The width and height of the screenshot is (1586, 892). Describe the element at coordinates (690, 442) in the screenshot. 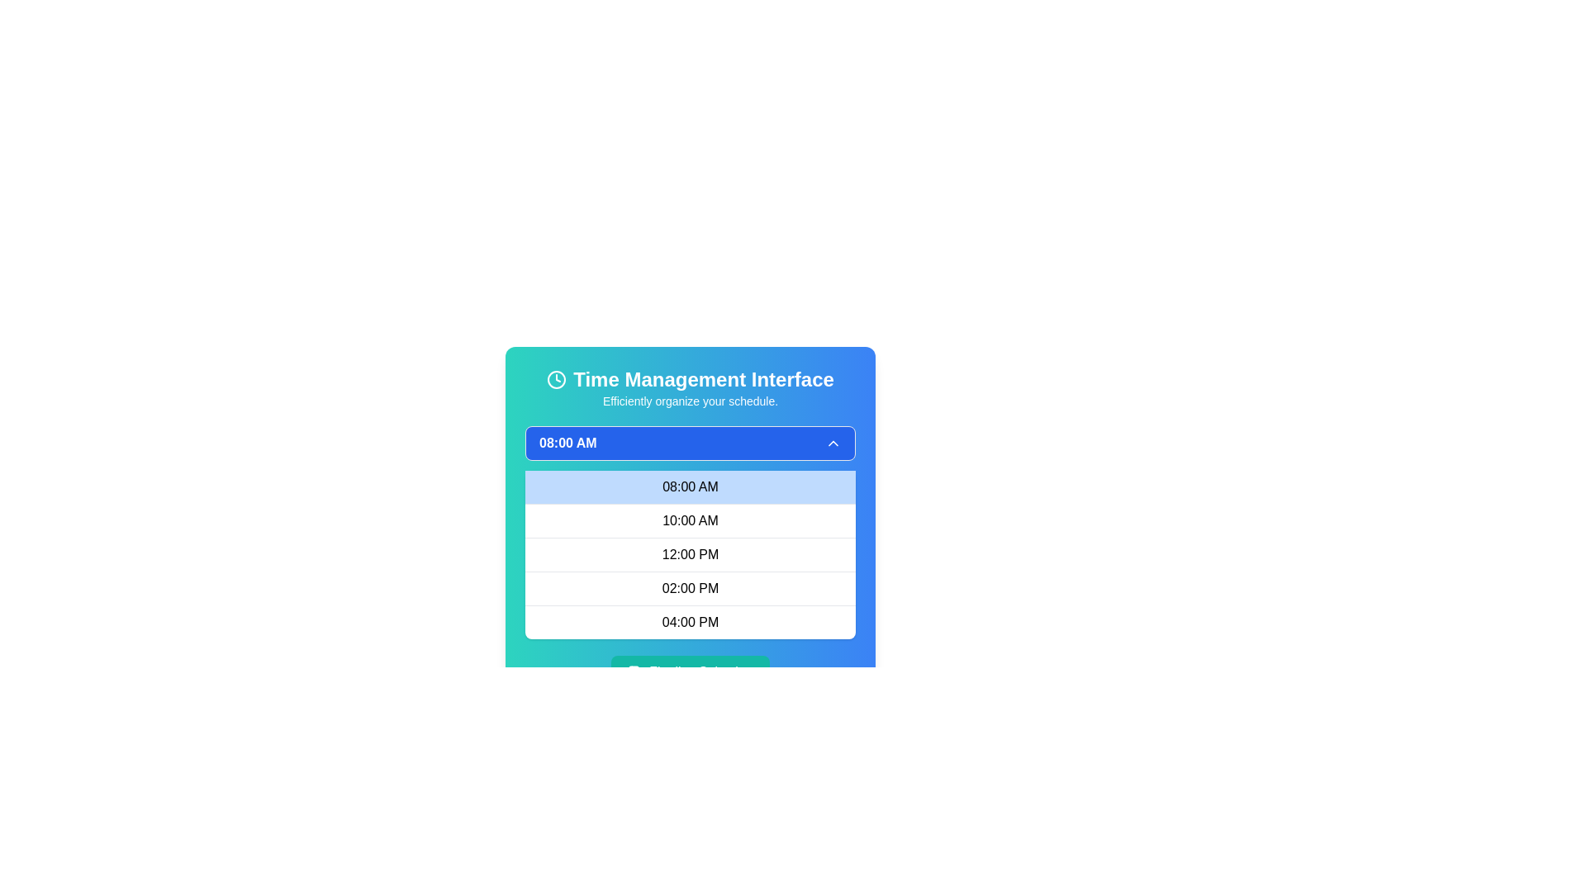

I see `the blue button labeled '08:00 AM' in the time selection dropdown` at that location.